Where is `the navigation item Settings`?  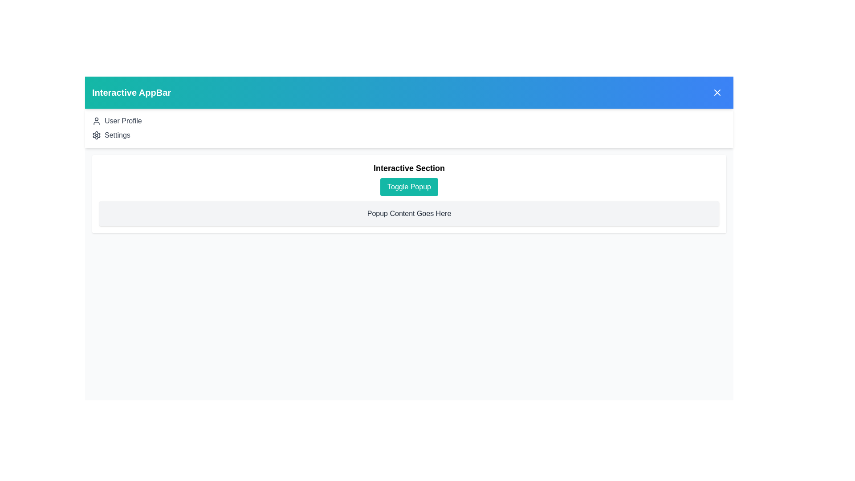
the navigation item Settings is located at coordinates (117, 135).